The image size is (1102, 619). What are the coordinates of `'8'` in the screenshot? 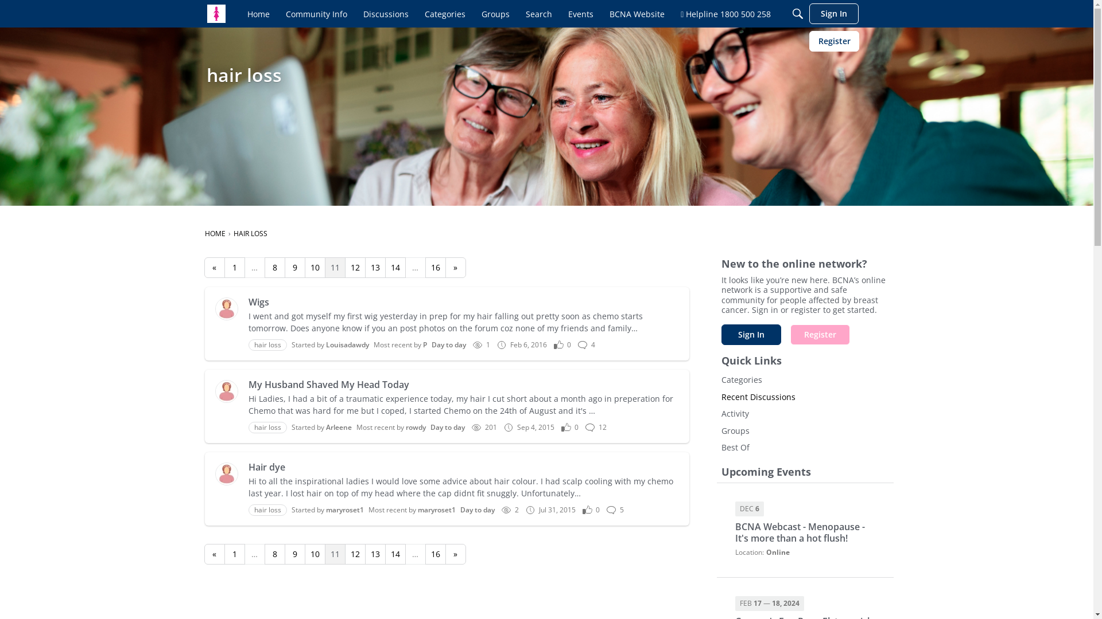 It's located at (274, 554).